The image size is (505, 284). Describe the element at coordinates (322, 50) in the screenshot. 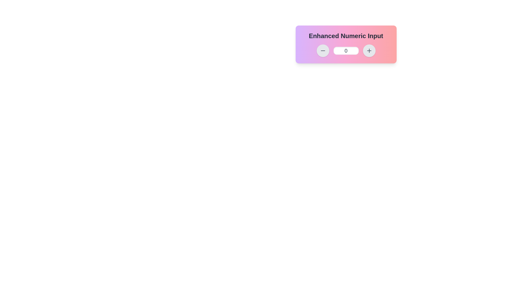

I see `the black minus icon button with a gray background, positioned far left among interactive controls` at that location.